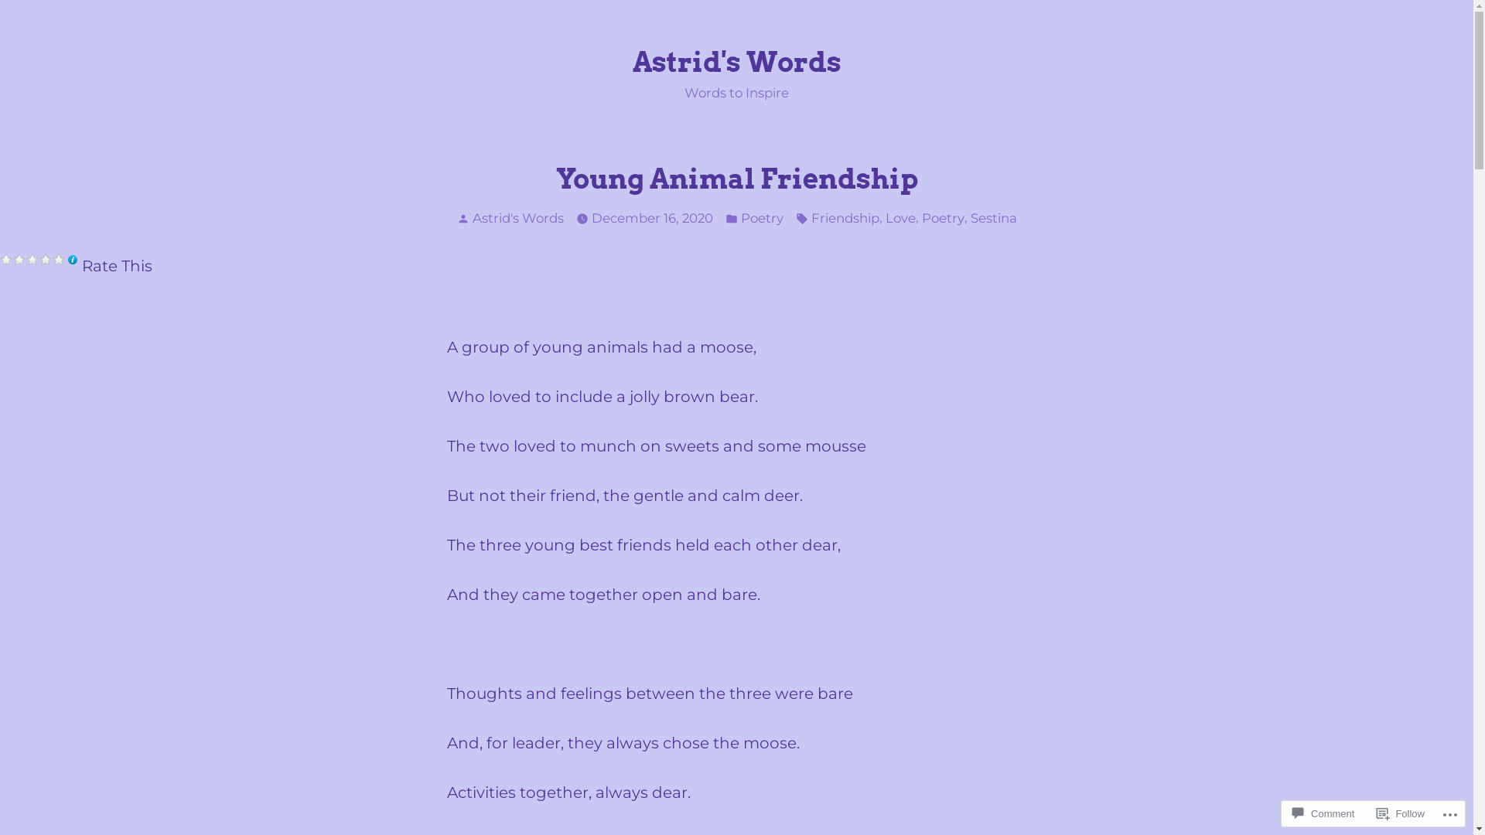  I want to click on 'Poetry', so click(740, 218).